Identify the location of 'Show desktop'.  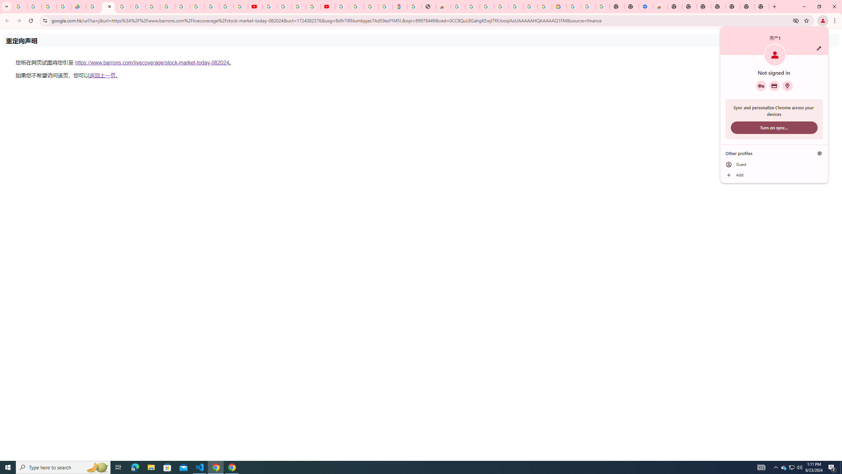
(841, 467).